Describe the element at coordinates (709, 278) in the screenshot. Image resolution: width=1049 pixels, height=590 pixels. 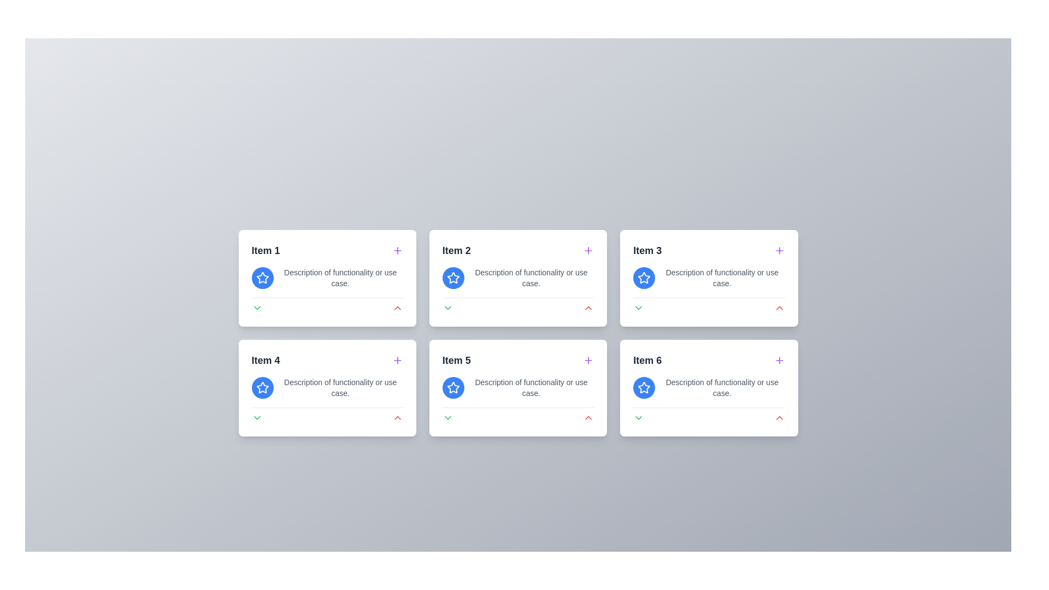
I see `text content stating 'Description of functionality or use case.' located below the heading 'Item 3' in the top right quadrant of the interface` at that location.